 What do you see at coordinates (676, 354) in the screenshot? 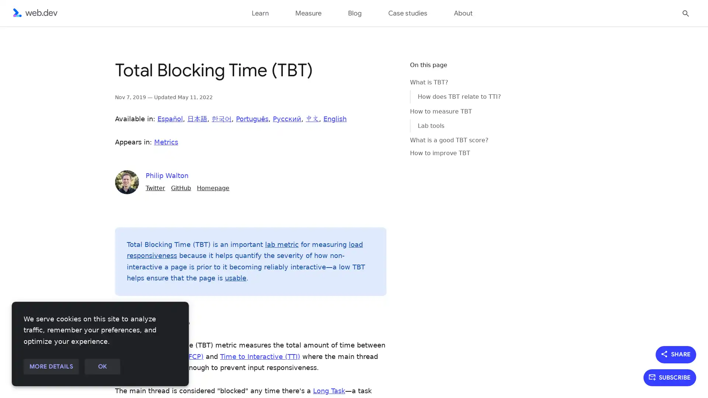
I see `SHARE` at bounding box center [676, 354].